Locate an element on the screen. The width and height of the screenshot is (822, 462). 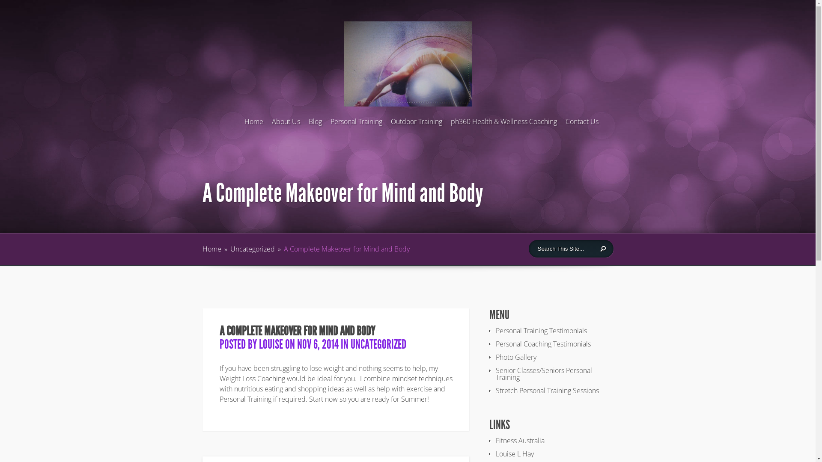
'Outdoor Training' is located at coordinates (416, 124).